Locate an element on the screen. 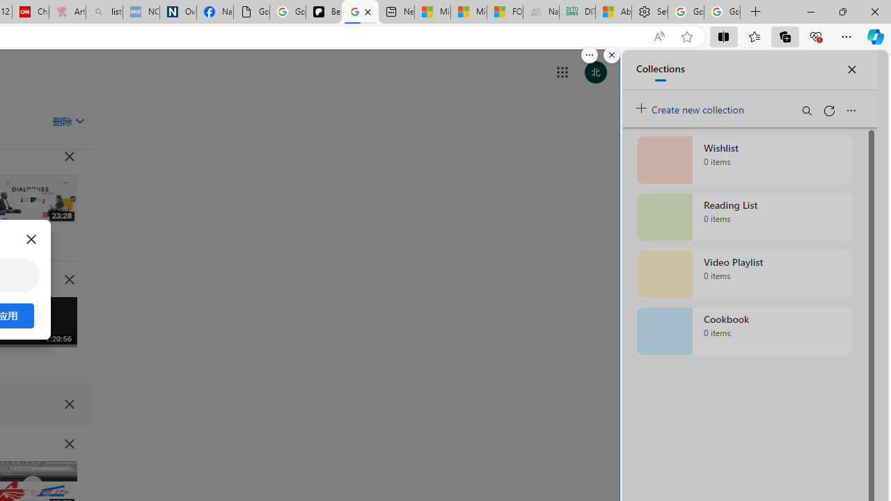  'FOX News - MSN' is located at coordinates (504, 12).